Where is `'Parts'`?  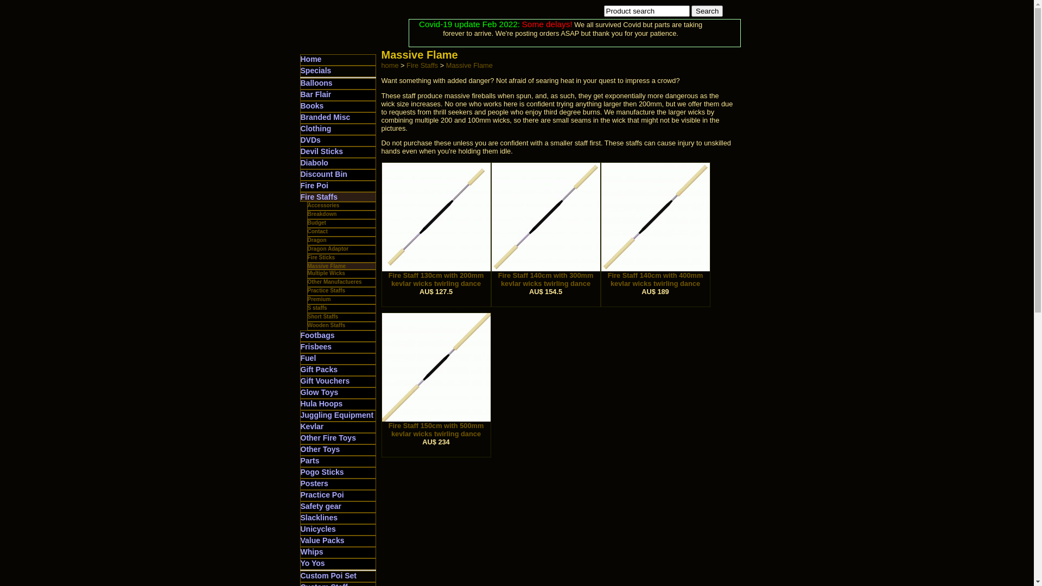 'Parts' is located at coordinates (309, 460).